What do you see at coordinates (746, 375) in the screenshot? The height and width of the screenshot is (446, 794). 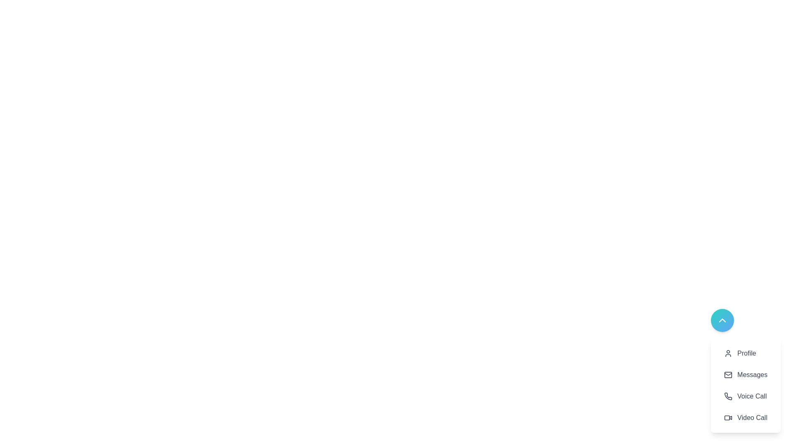 I see `the 'Messages' button in the action list` at bounding box center [746, 375].